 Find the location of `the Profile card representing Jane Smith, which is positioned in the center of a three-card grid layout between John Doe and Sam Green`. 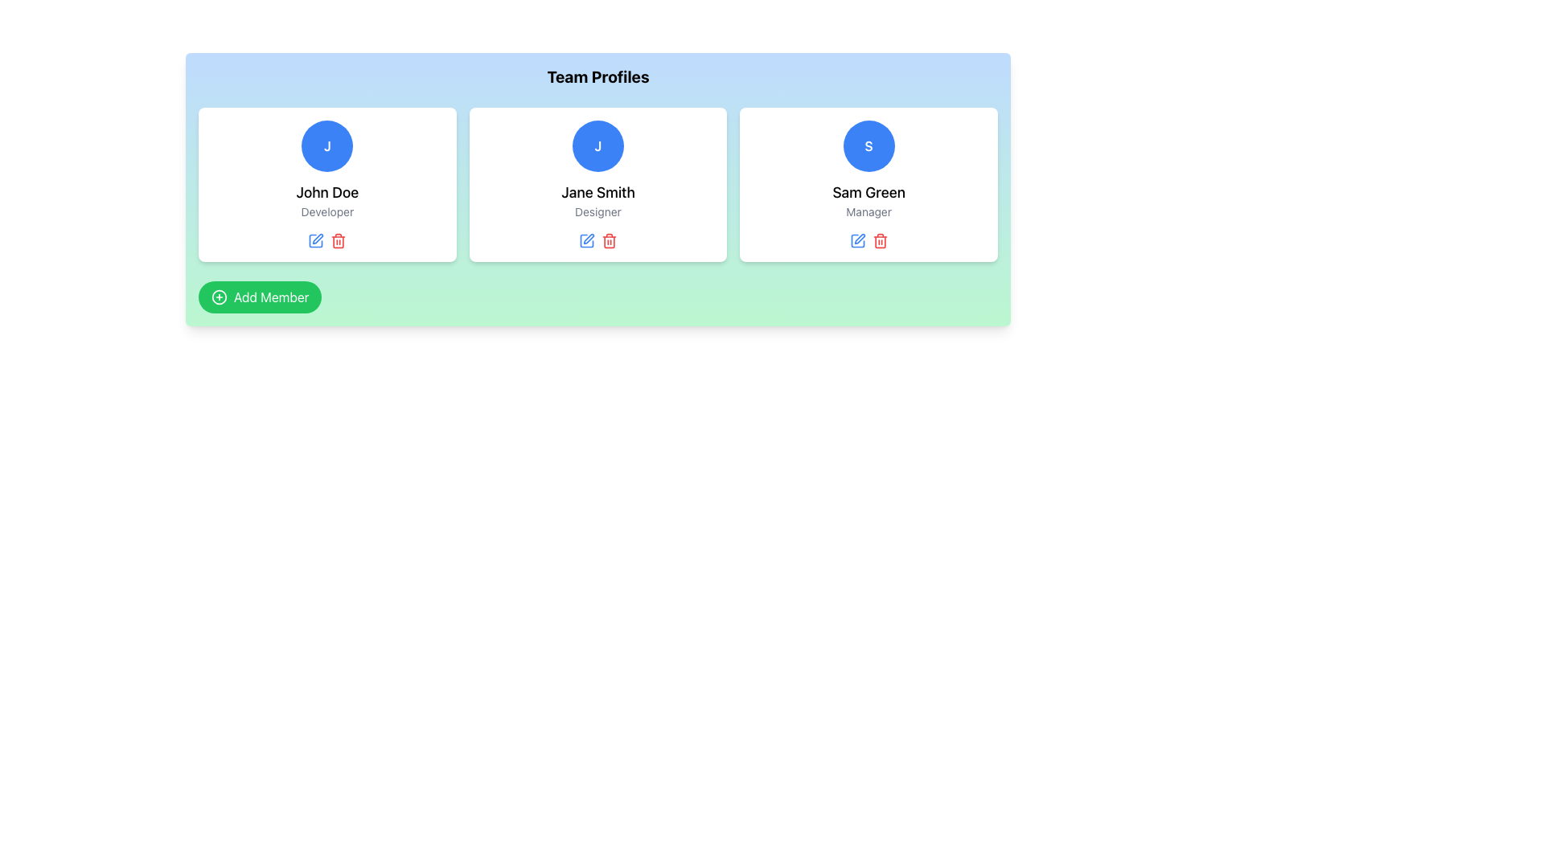

the Profile card representing Jane Smith, which is positioned in the center of a three-card grid layout between John Doe and Sam Green is located at coordinates (597, 184).